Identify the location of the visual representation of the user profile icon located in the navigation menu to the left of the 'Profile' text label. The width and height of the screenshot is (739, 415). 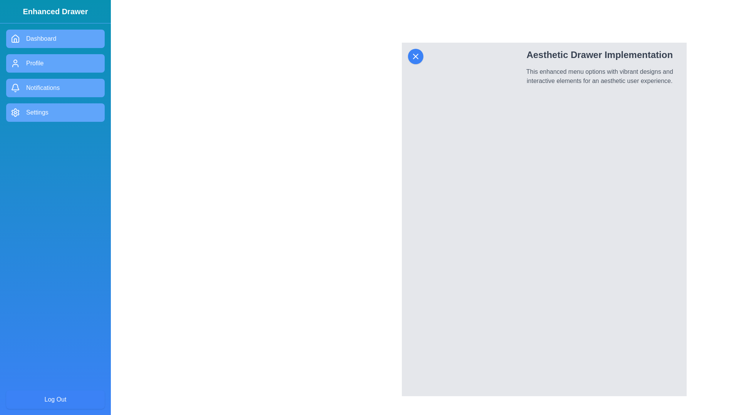
(15, 63).